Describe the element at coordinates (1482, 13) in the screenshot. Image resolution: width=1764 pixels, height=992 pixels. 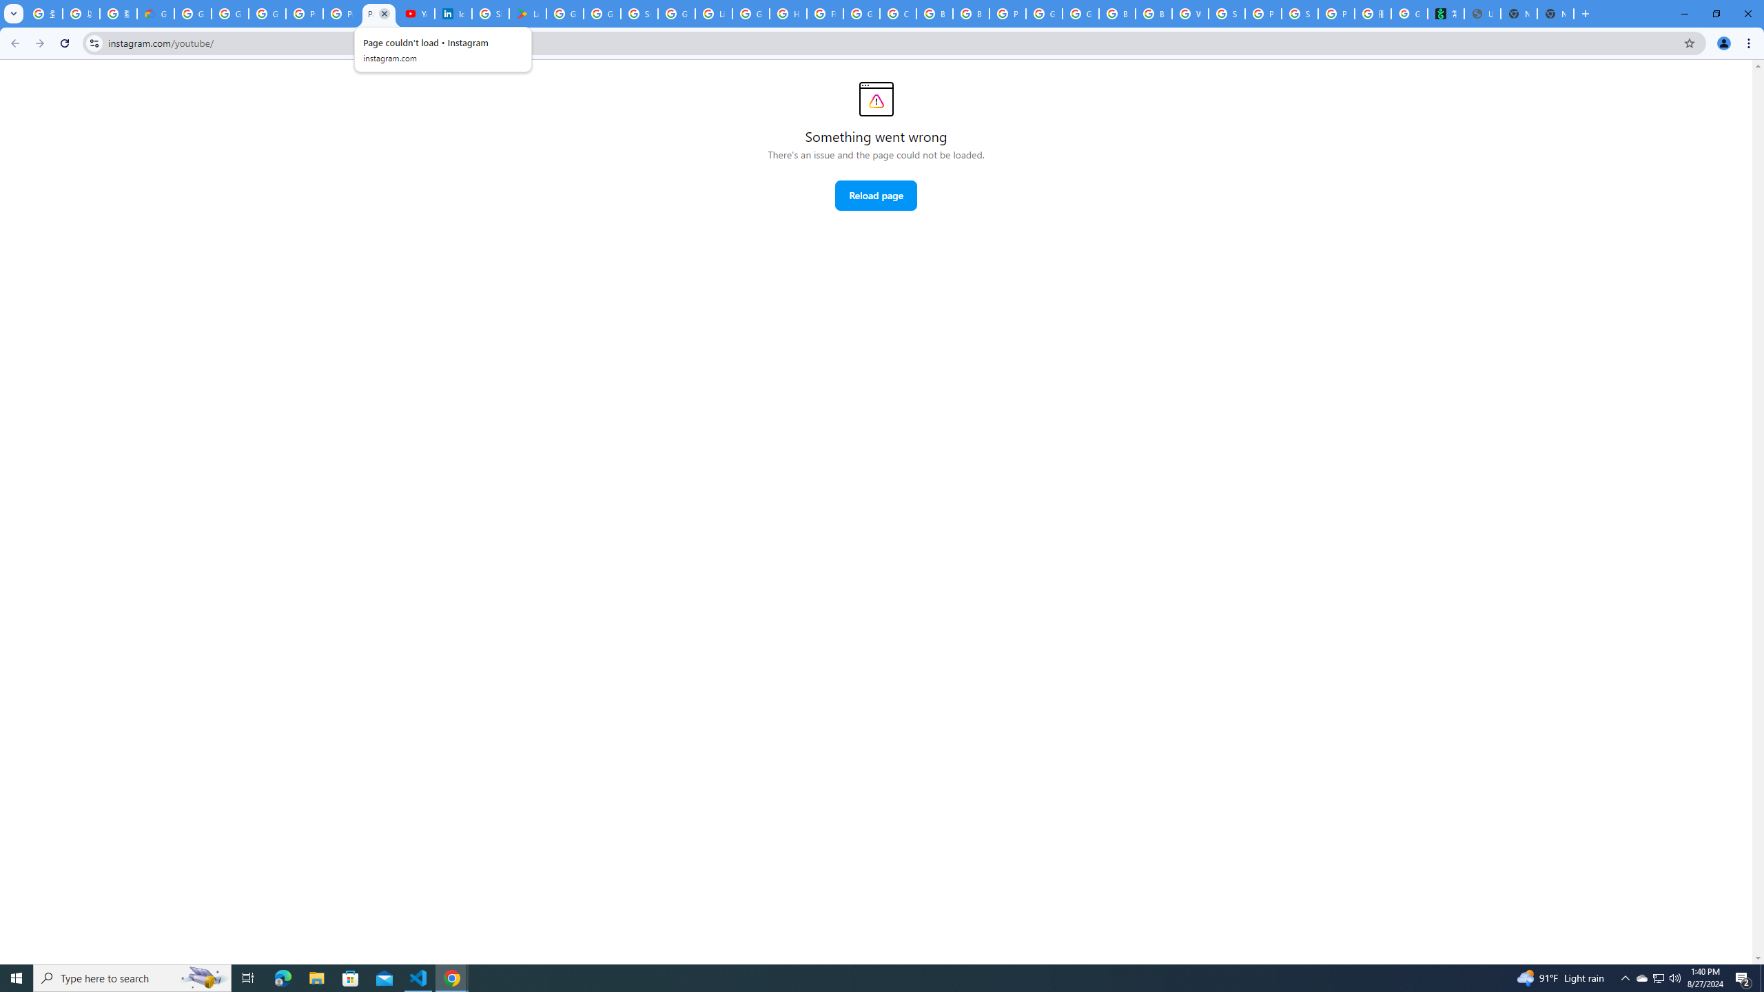
I see `'Untitled'` at that location.